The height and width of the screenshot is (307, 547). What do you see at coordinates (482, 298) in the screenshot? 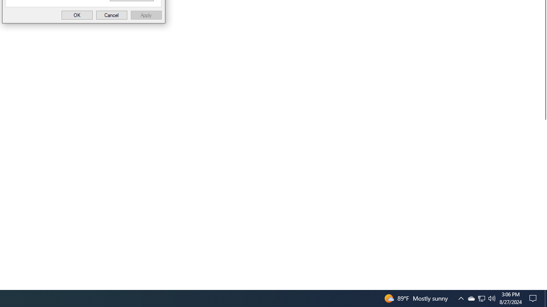
I see `'Q2790: 100%'` at bounding box center [482, 298].